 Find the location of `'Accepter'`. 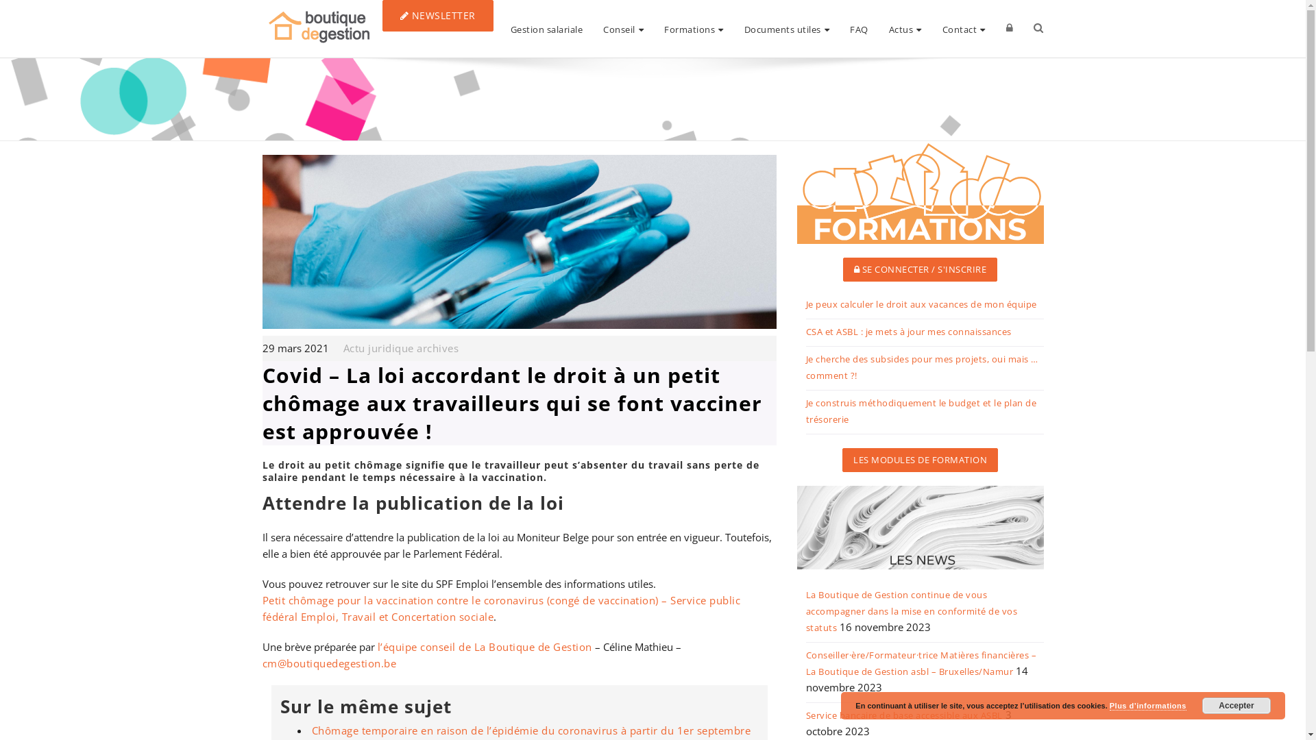

'Accepter' is located at coordinates (1236, 705).